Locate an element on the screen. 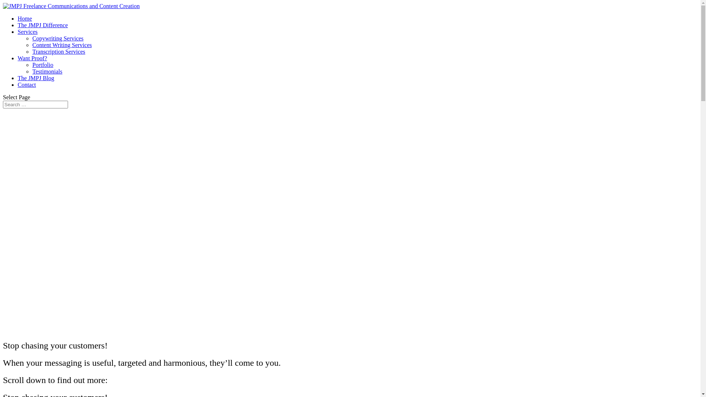 Image resolution: width=706 pixels, height=397 pixels. 'Welcome to JMPJ Freelance Communcations And Content Creation' is located at coordinates (3, 219).